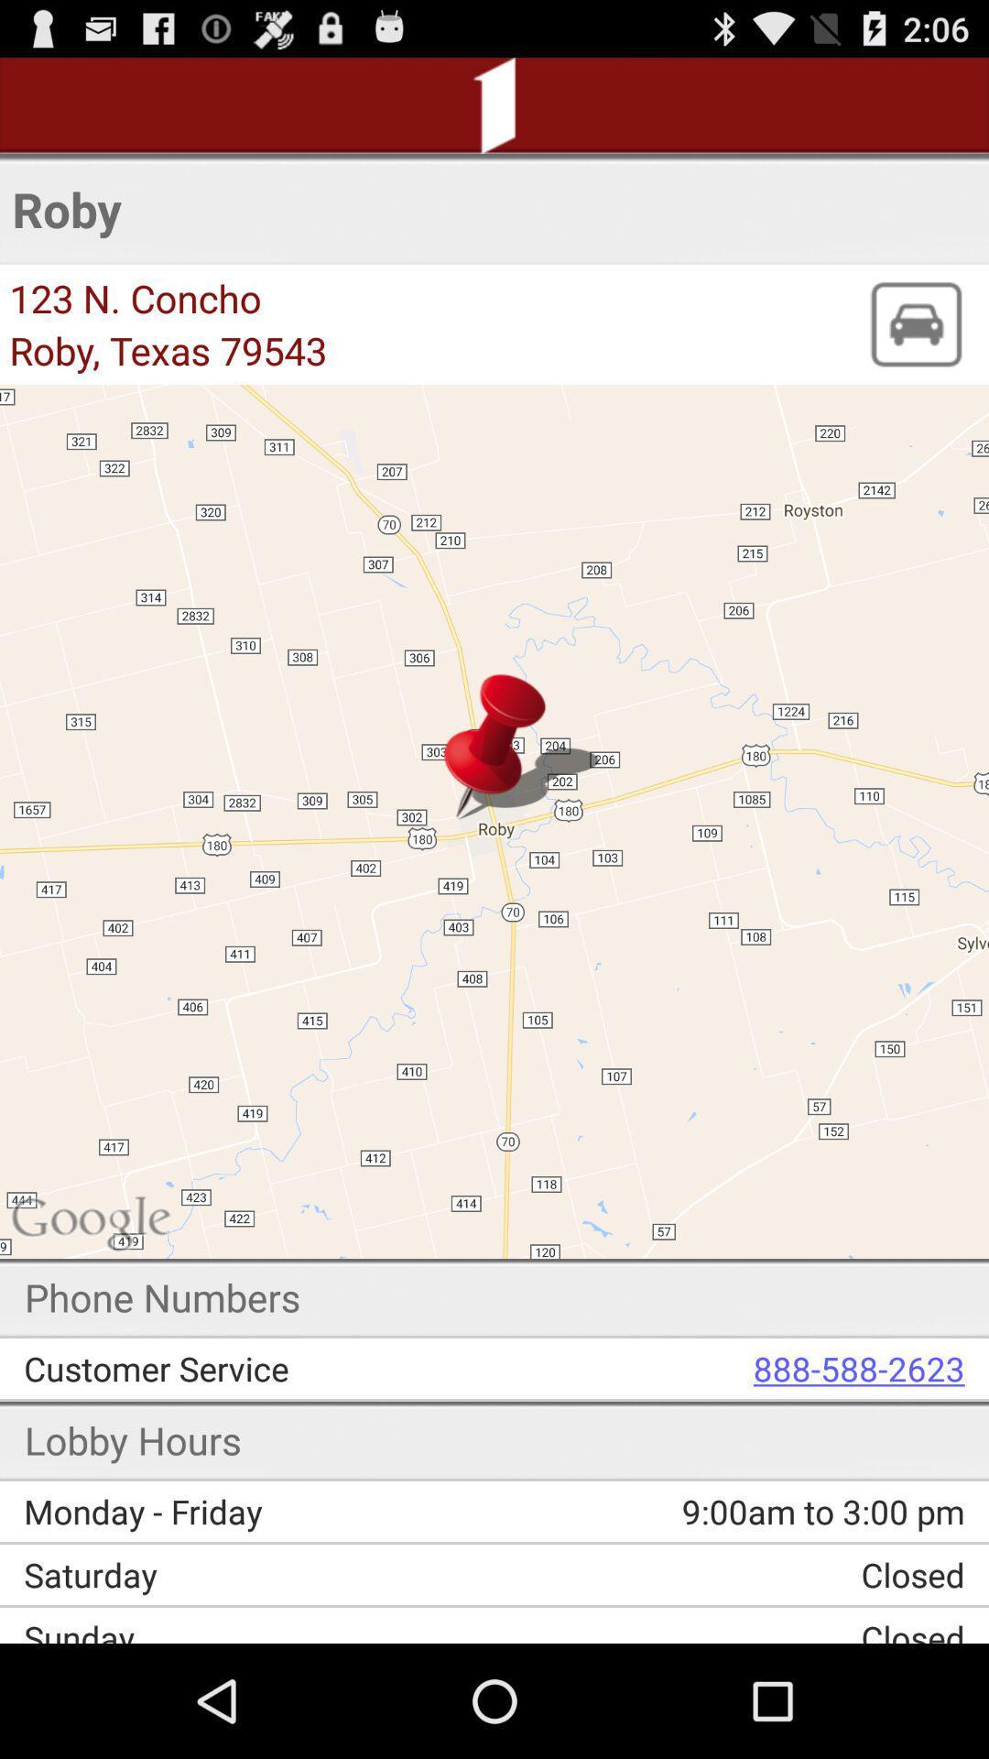 Image resolution: width=989 pixels, height=1759 pixels. I want to click on the icon at the top right corner, so click(915, 324).